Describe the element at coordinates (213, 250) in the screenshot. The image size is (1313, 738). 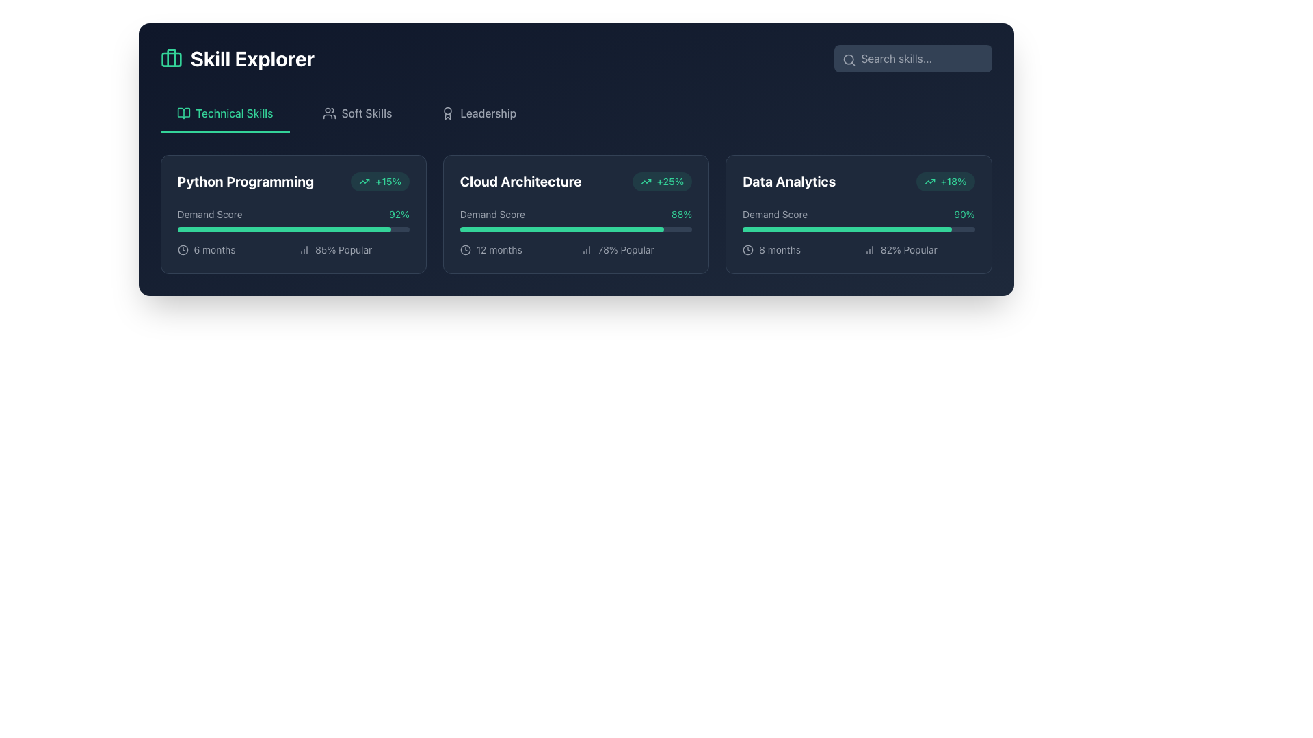
I see `the text label indicating the duration or time span in the lower-left area of the 'Python Programming' card within the 'Technical Skills' section, located to the right of a clock icon` at that location.